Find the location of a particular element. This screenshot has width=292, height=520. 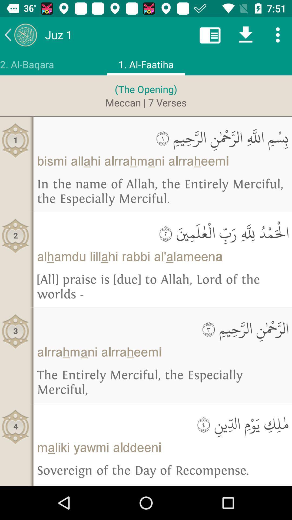

item below the entirely merciful item is located at coordinates (162, 424).